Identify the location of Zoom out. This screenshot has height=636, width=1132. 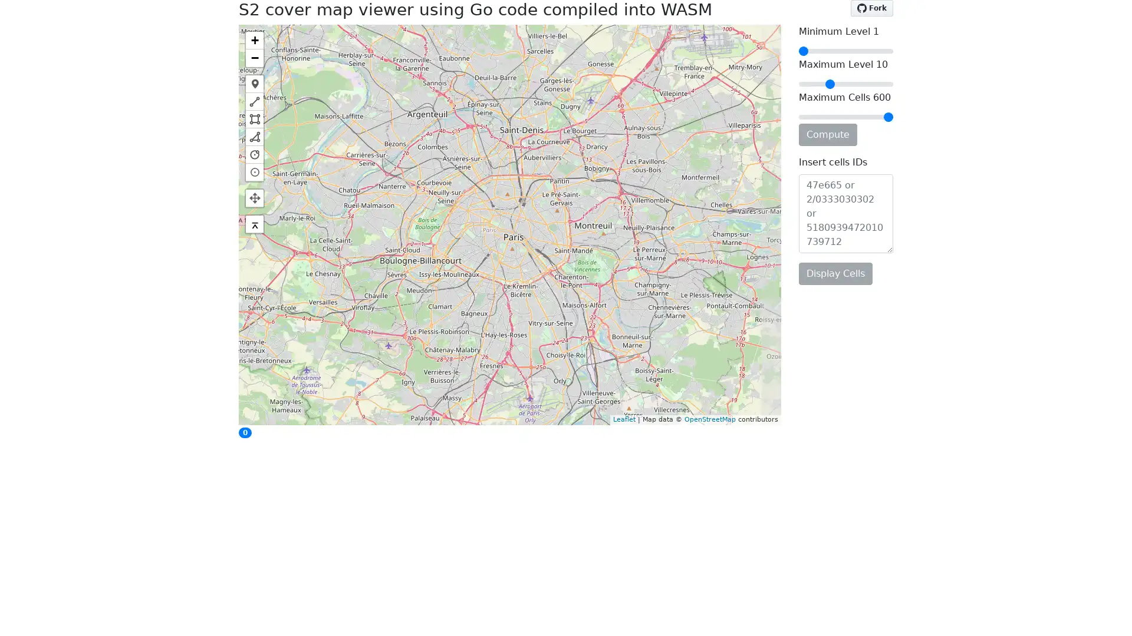
(254, 57).